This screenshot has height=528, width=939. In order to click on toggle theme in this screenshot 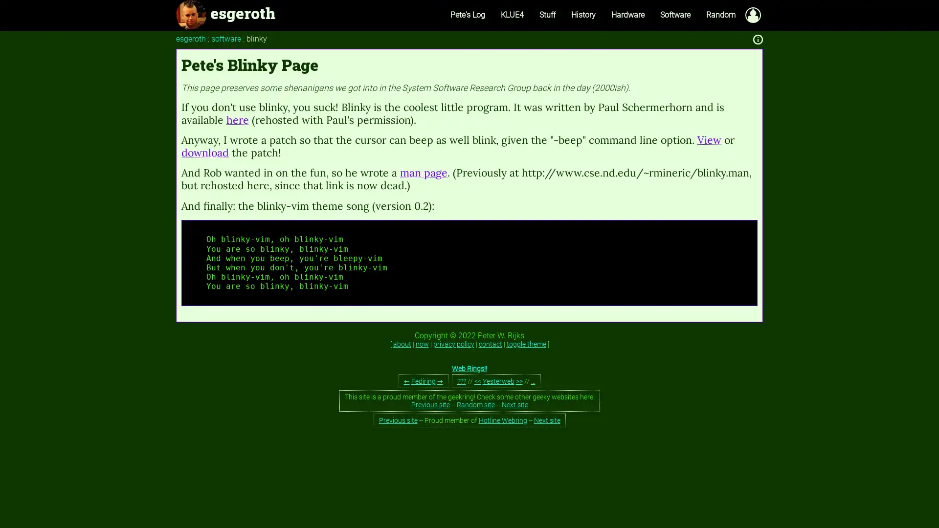, I will do `click(525, 343)`.